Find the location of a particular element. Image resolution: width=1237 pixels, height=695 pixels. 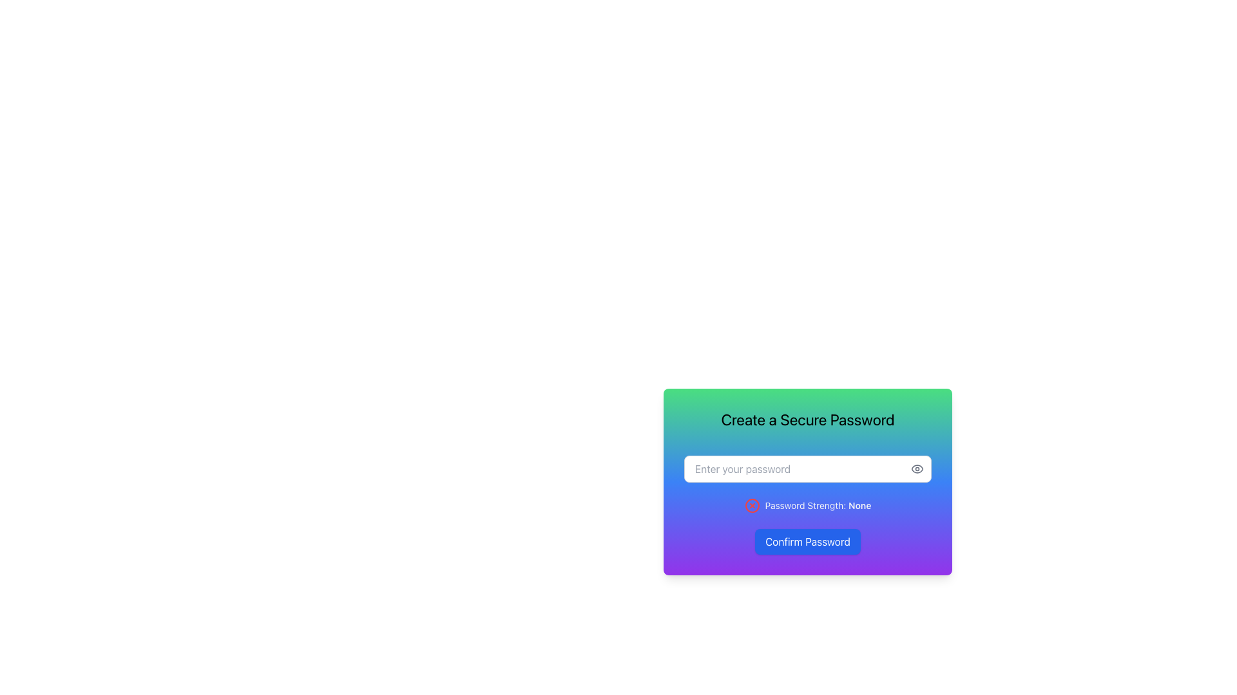

the password strength indicator icon located to the left of the text 'Password Strength: None' below the password input field is located at coordinates (752, 505).